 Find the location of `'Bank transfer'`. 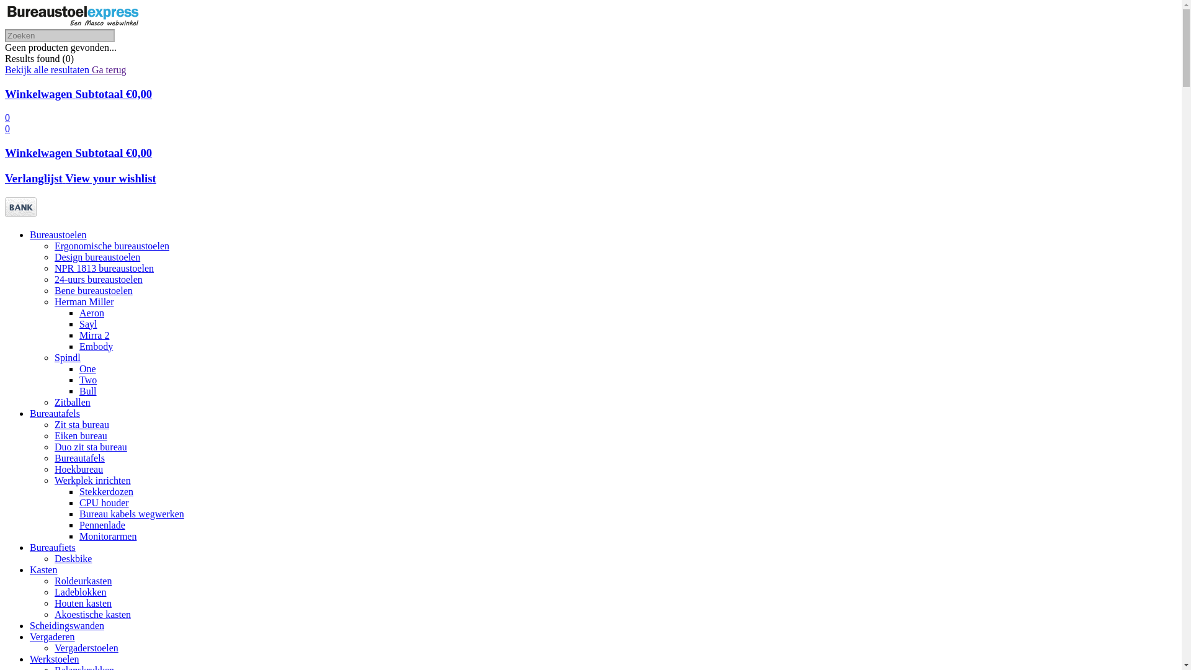

'Bank transfer' is located at coordinates (5, 213).